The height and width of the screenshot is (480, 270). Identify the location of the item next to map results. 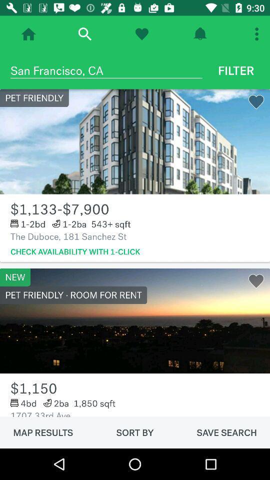
(135, 432).